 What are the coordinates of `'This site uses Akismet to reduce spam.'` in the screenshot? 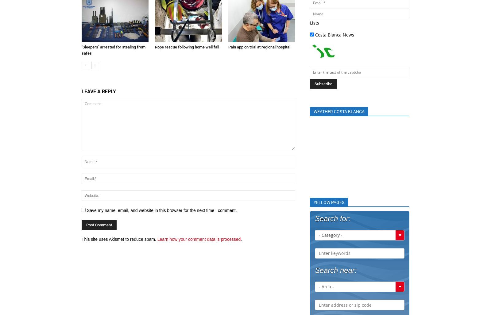 It's located at (119, 238).